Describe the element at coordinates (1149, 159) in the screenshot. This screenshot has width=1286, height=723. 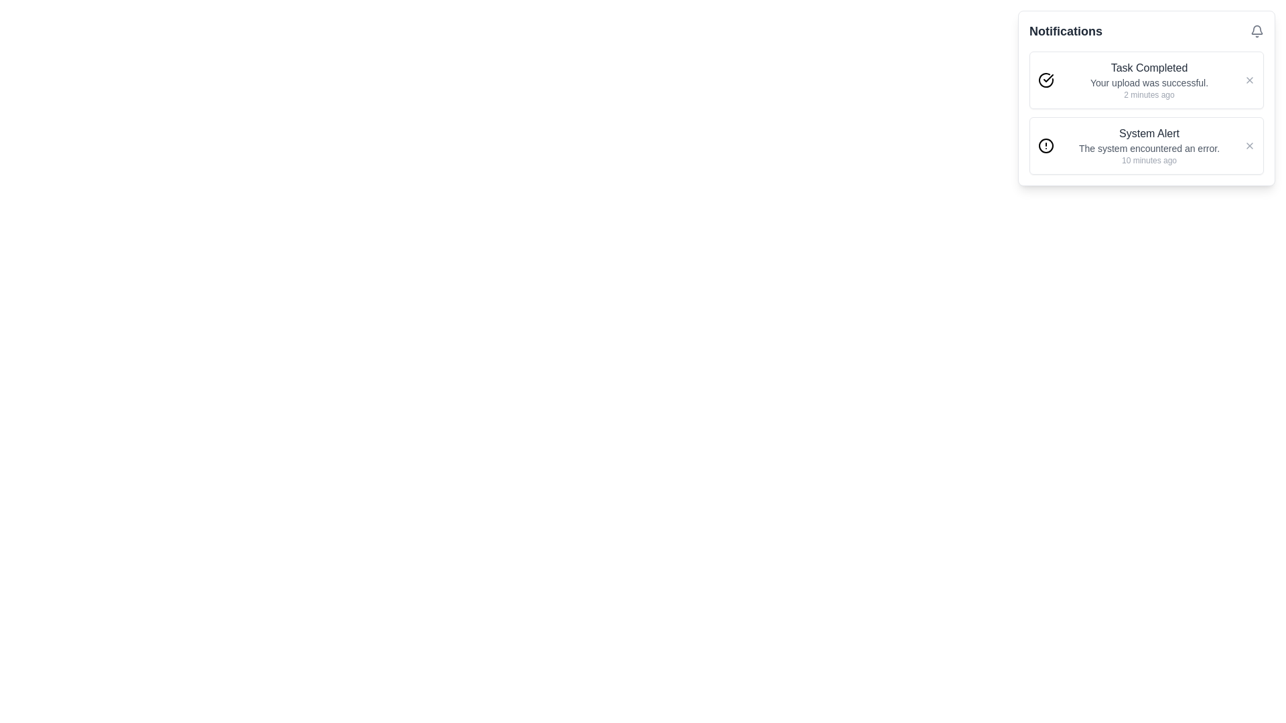
I see `the text label that reads '10 minutes ago', which is located at the bottom of the alert notification in a subdued gray color` at that location.